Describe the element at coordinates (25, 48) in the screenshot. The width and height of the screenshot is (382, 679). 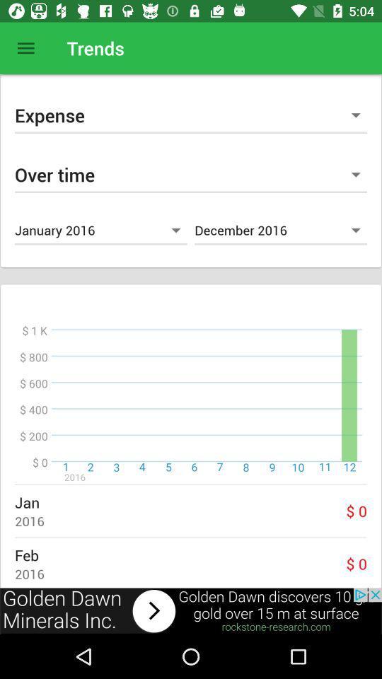
I see `open menu` at that location.